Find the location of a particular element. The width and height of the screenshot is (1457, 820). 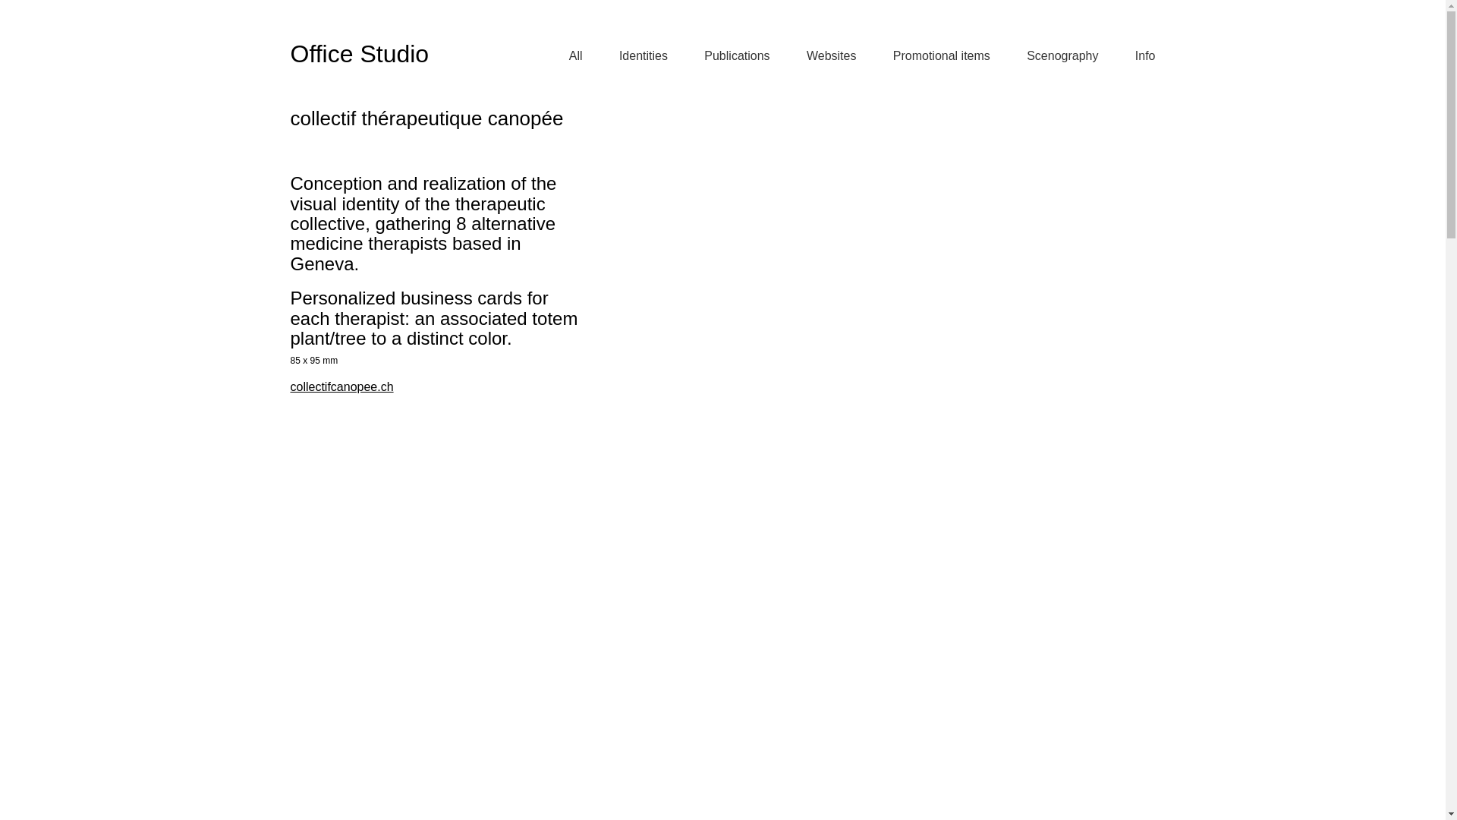

'Identities' is located at coordinates (619, 55).